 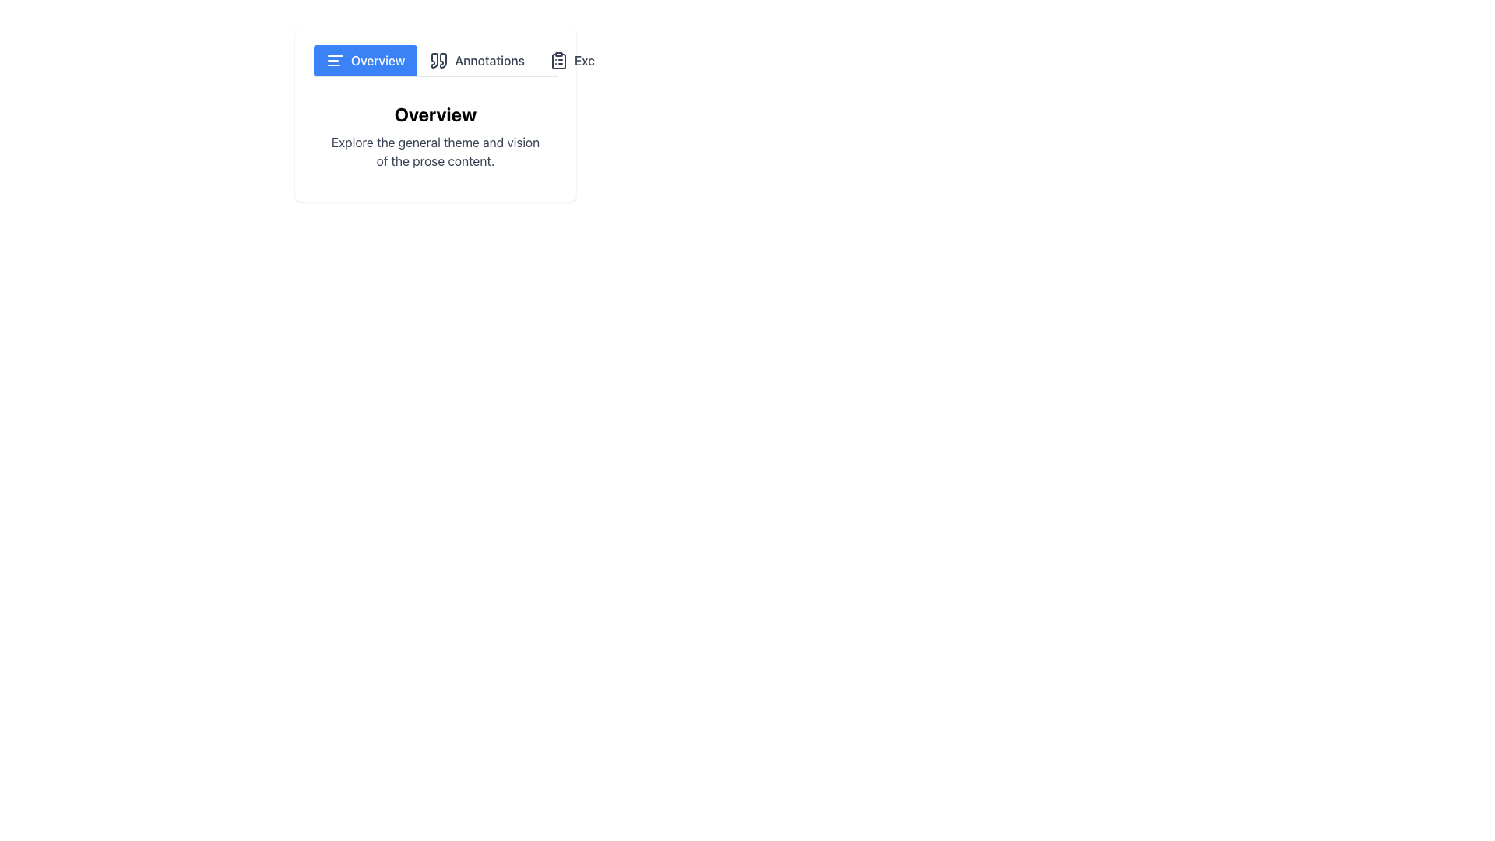 I want to click on the bold, large-sized text element that reads 'Overview', which is positioned at the top of the content area and aligned above a descriptive paragraph, so click(x=435, y=113).